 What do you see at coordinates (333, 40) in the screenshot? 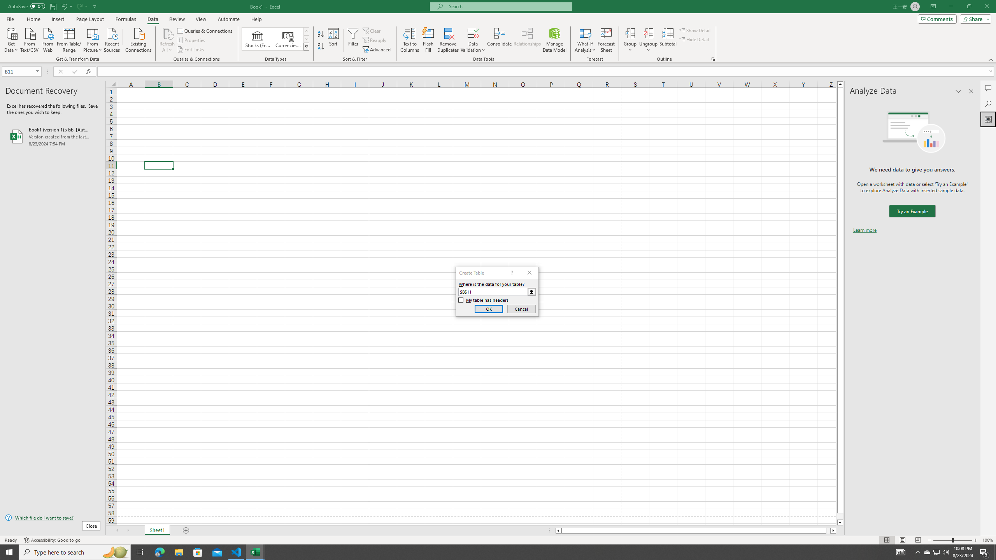
I see `'Sort...'` at bounding box center [333, 40].